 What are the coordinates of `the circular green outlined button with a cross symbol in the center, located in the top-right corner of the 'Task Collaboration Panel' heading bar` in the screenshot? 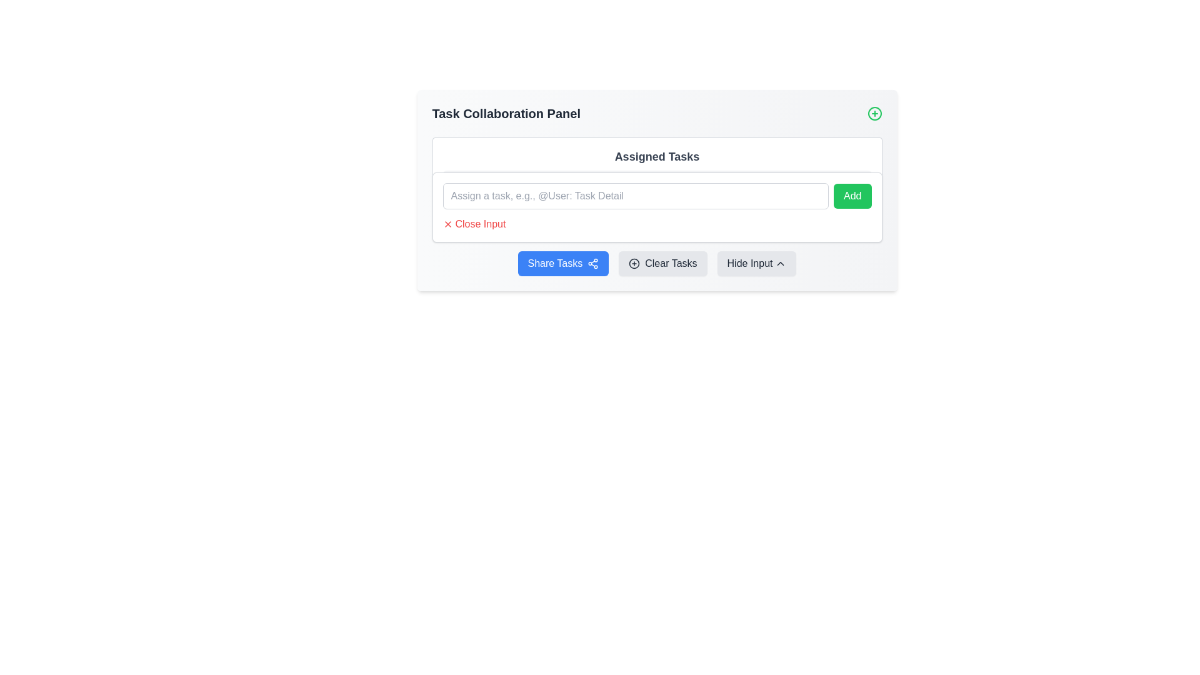 It's located at (874, 113).